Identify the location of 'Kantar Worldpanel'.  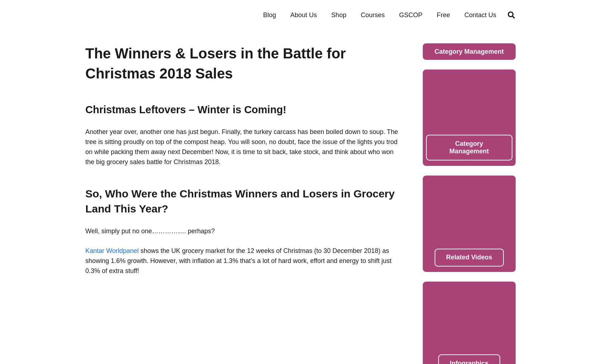
(112, 250).